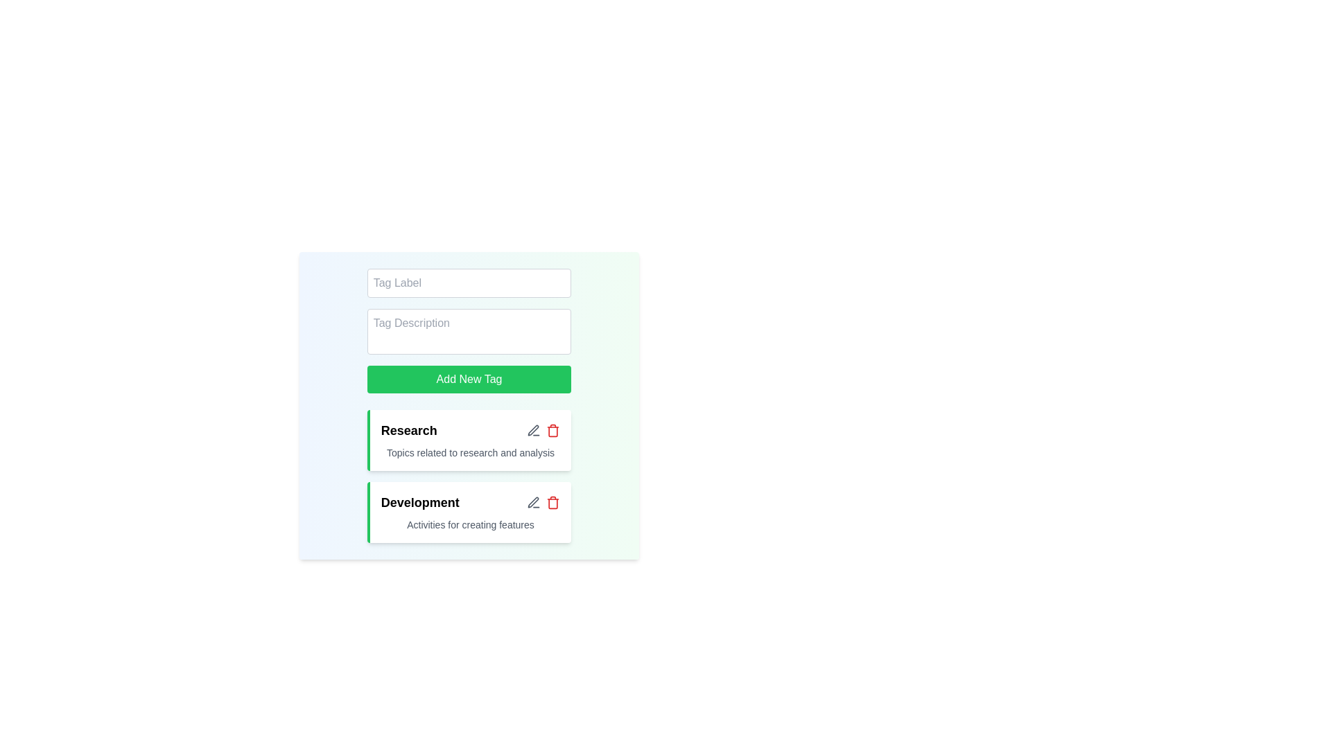  What do you see at coordinates (532, 502) in the screenshot?
I see `the gray pencil-shaped edit icon located at the right end of the 'Development' card section, which is next to the red trash icon` at bounding box center [532, 502].